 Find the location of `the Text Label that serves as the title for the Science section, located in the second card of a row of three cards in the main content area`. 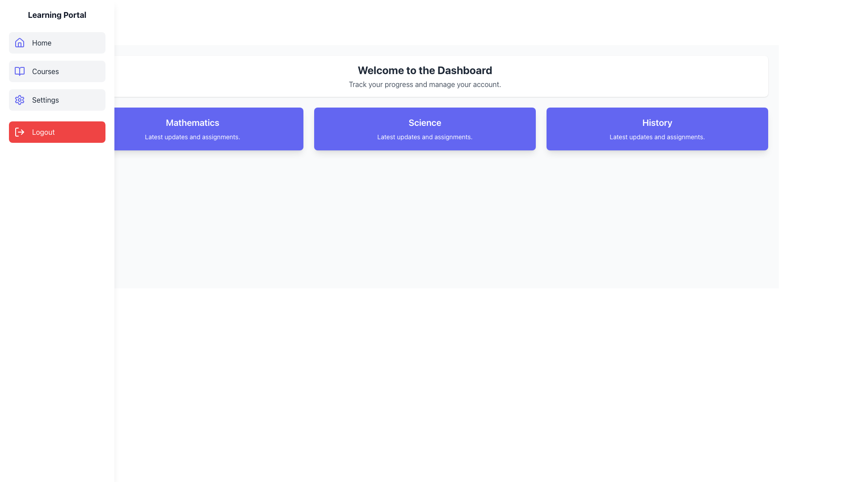

the Text Label that serves as the title for the Science section, located in the second card of a row of three cards in the main content area is located at coordinates (424, 122).